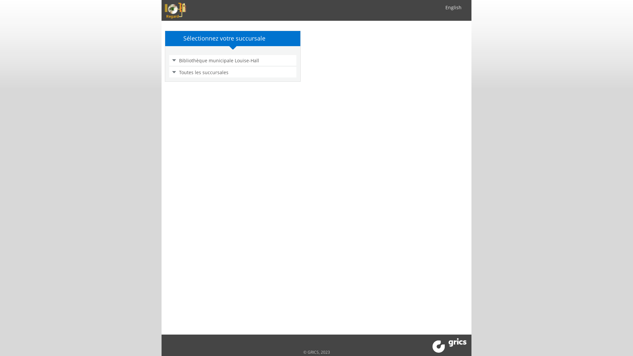 This screenshot has height=356, width=633. I want to click on 'Toutes les succursales', so click(232, 72).